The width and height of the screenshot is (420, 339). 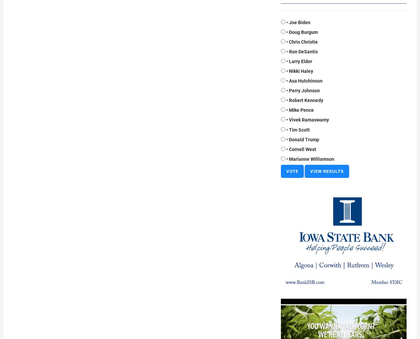 What do you see at coordinates (298, 130) in the screenshot?
I see `'• Tim Scott'` at bounding box center [298, 130].